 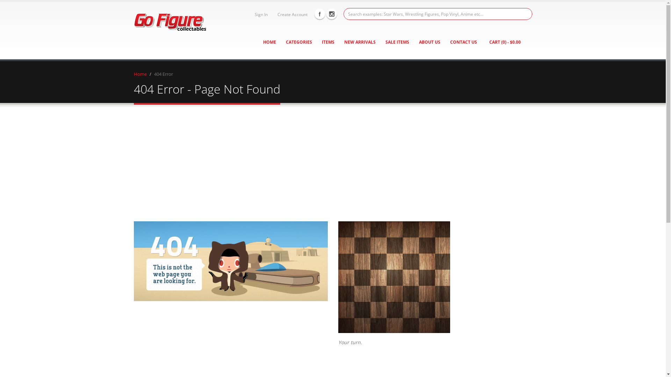 I want to click on 'CART (0) - $0.00', so click(x=505, y=42).